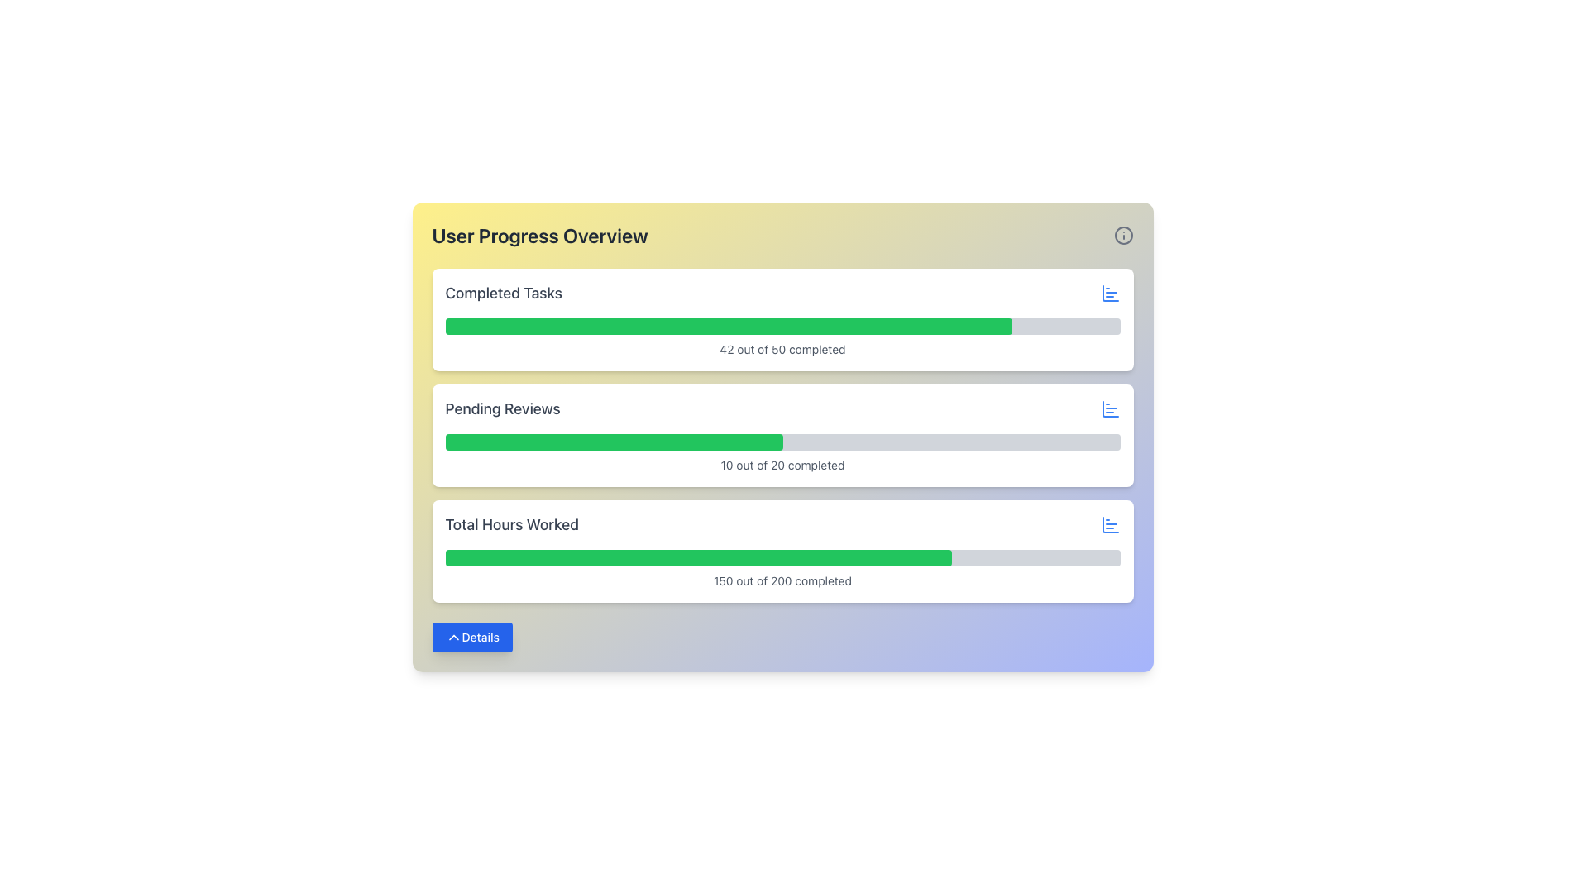 The width and height of the screenshot is (1588, 893). What do you see at coordinates (613, 442) in the screenshot?
I see `the Progress indicator bar within the 'Pending Reviews' section, which visually represents 50% completion of a task` at bounding box center [613, 442].